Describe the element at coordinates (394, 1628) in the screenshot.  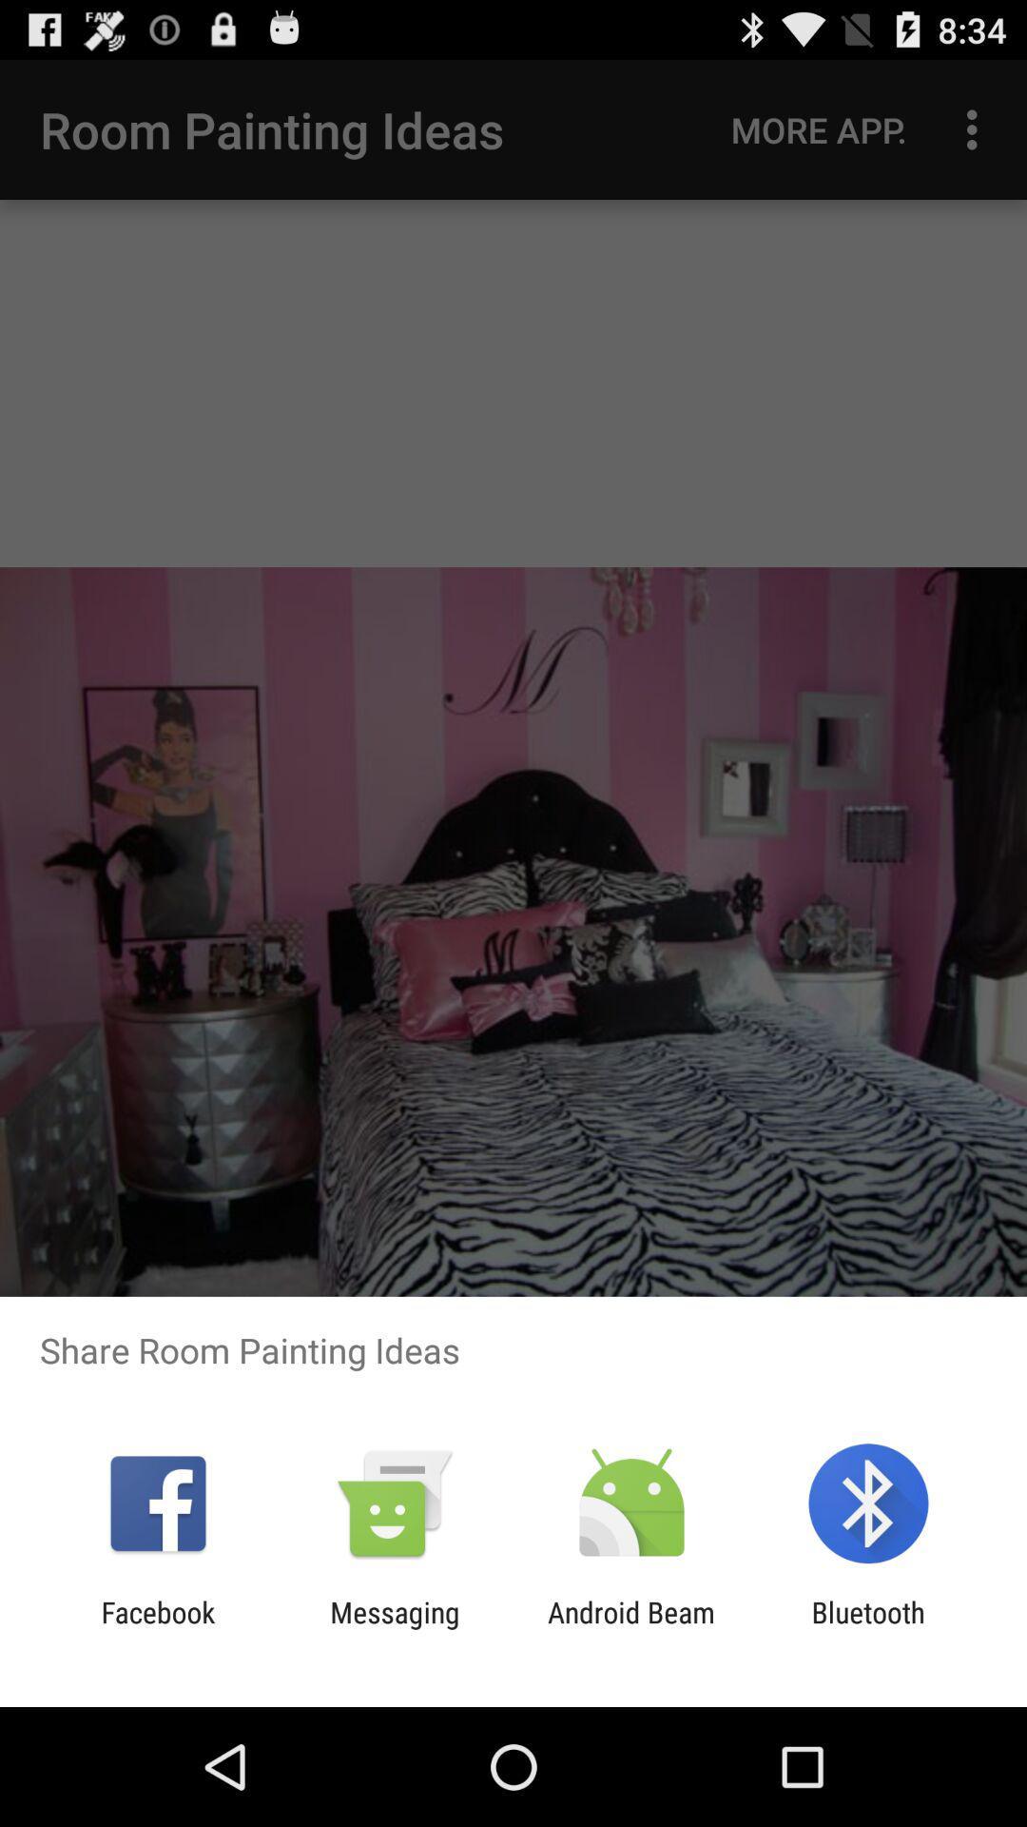
I see `the messaging` at that location.